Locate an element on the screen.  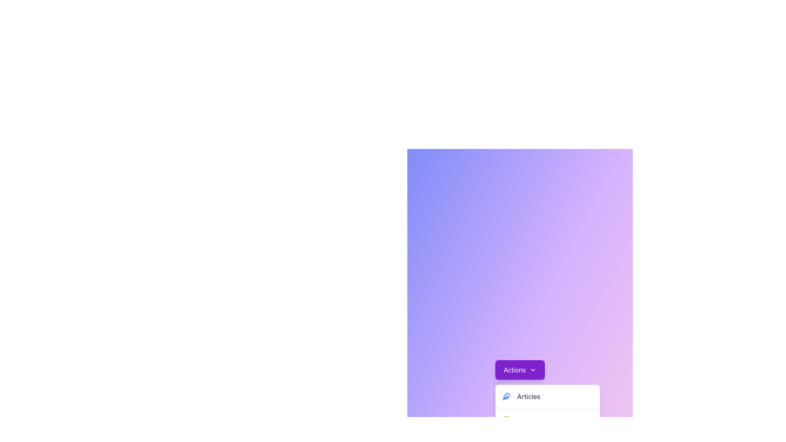
the small downward-pointing chevron icon with a purple background and white stroke located on the far right of the 'Actions' button is located at coordinates (533, 370).